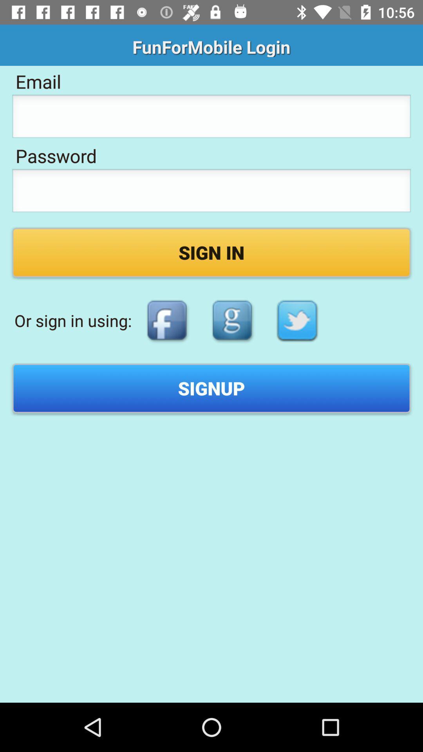 The image size is (423, 752). Describe the element at coordinates (297, 320) in the screenshot. I see `icon on the right` at that location.